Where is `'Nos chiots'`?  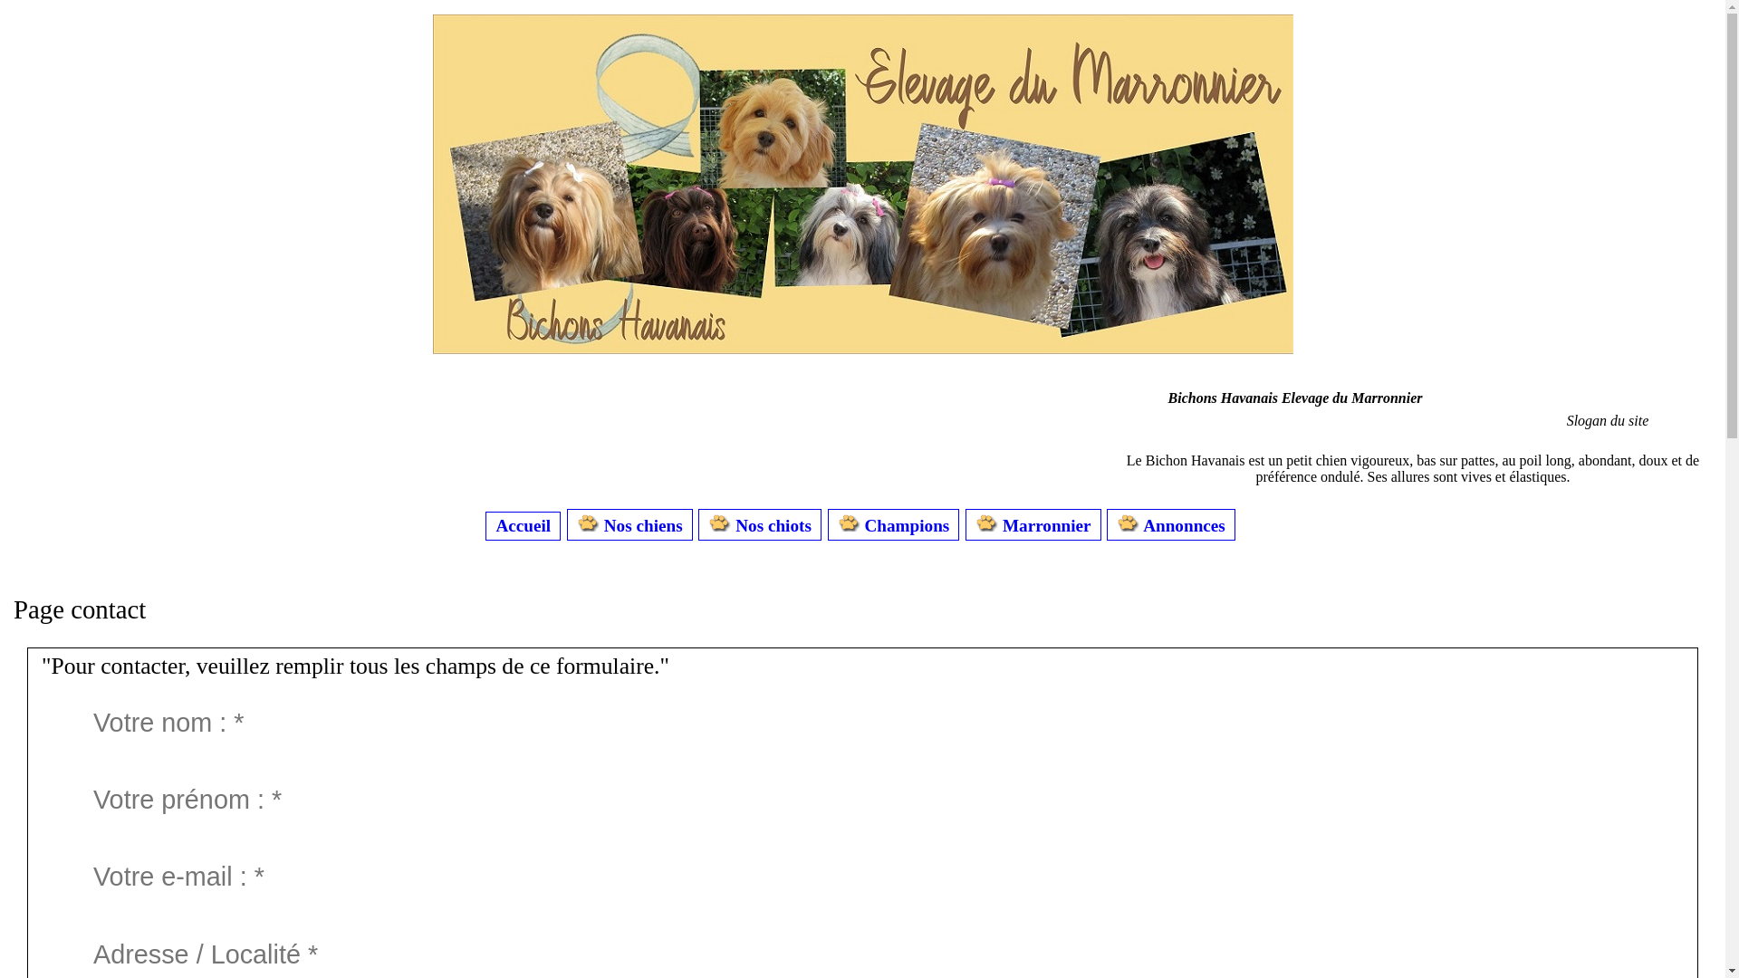 'Nos chiots' is located at coordinates (759, 524).